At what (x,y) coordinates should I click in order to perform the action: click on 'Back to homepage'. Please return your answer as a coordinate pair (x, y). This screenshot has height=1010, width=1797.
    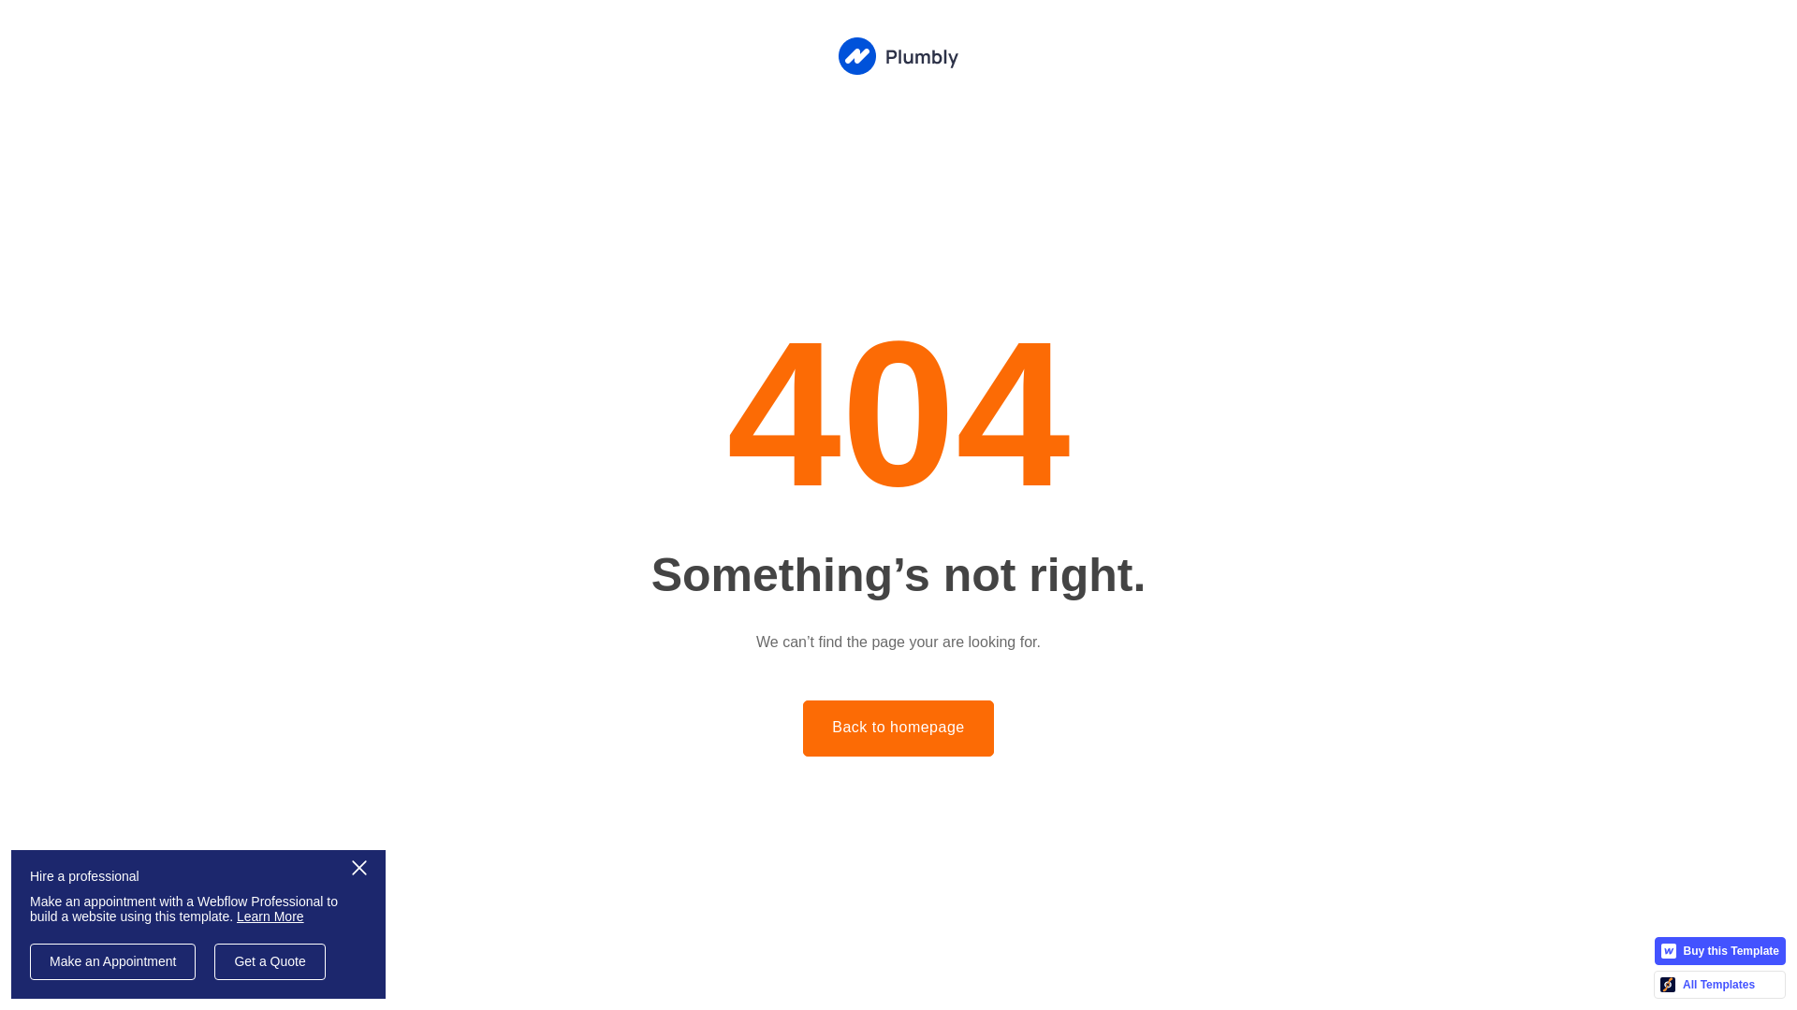
    Looking at the image, I should click on (897, 728).